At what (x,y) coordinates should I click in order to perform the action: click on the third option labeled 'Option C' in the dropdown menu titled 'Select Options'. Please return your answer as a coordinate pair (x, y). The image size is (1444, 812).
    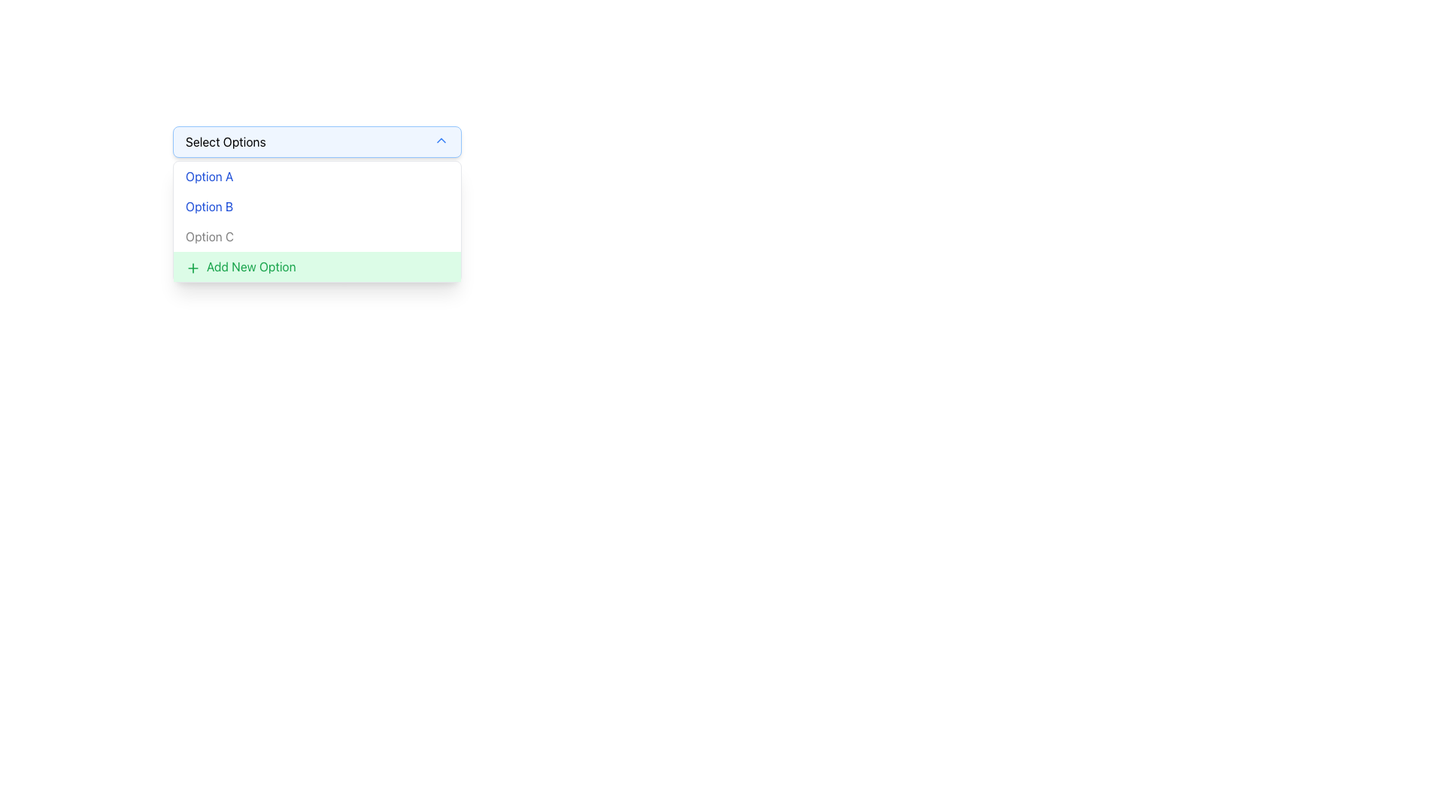
    Looking at the image, I should click on (208, 237).